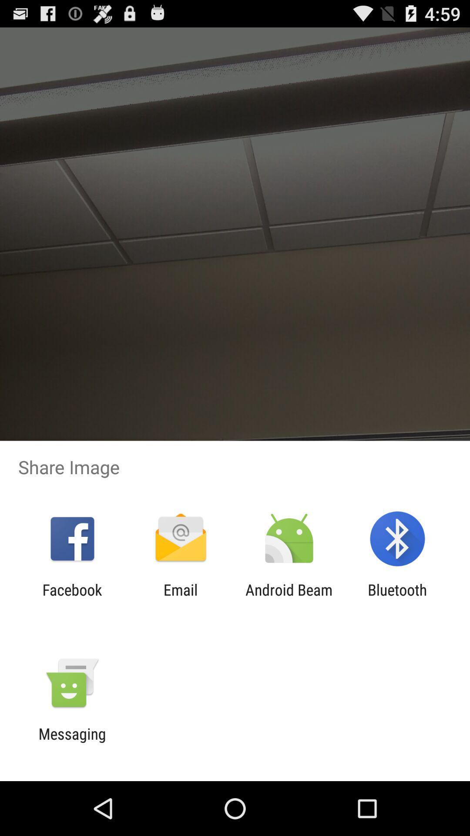  I want to click on the icon at the bottom right corner, so click(397, 598).